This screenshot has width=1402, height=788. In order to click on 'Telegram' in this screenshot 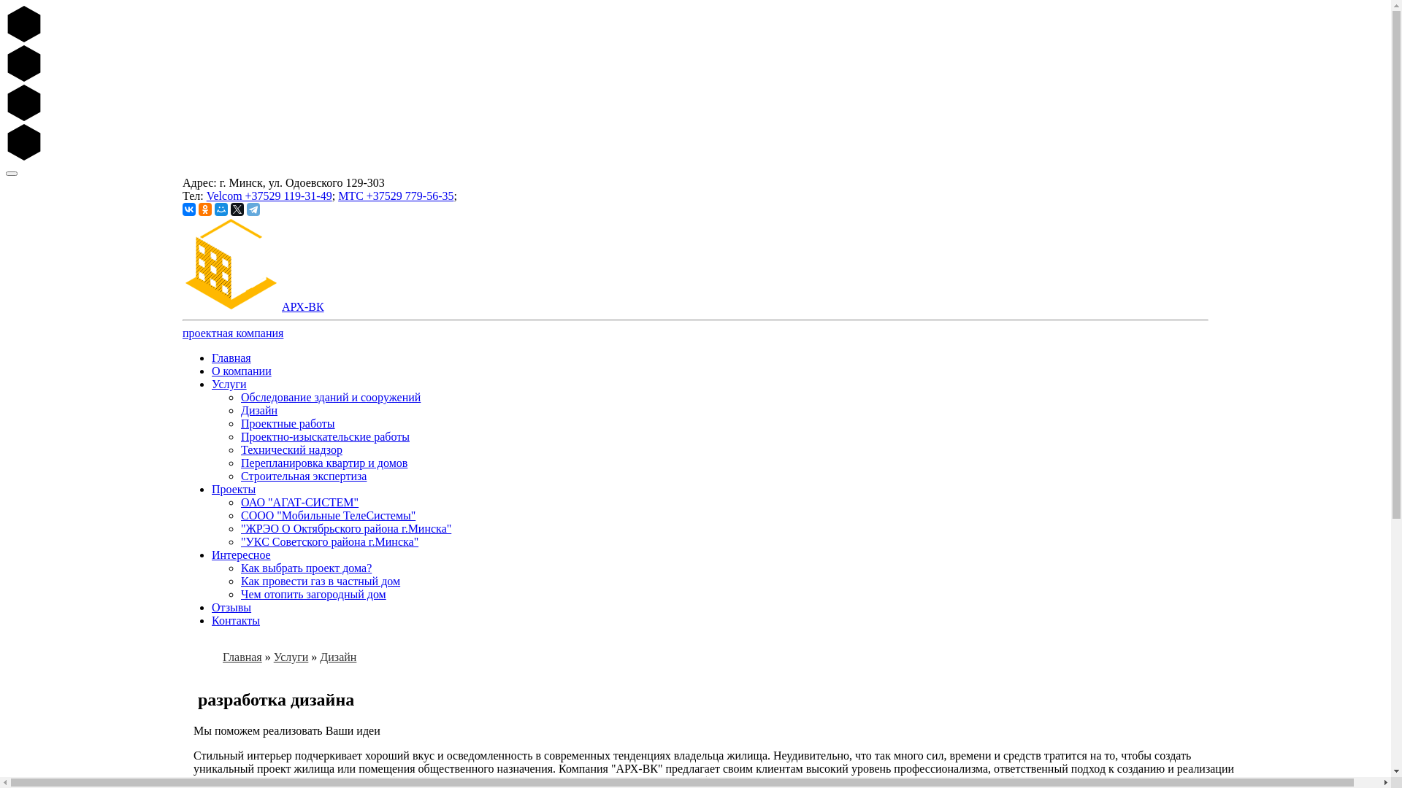, I will do `click(253, 209)`.